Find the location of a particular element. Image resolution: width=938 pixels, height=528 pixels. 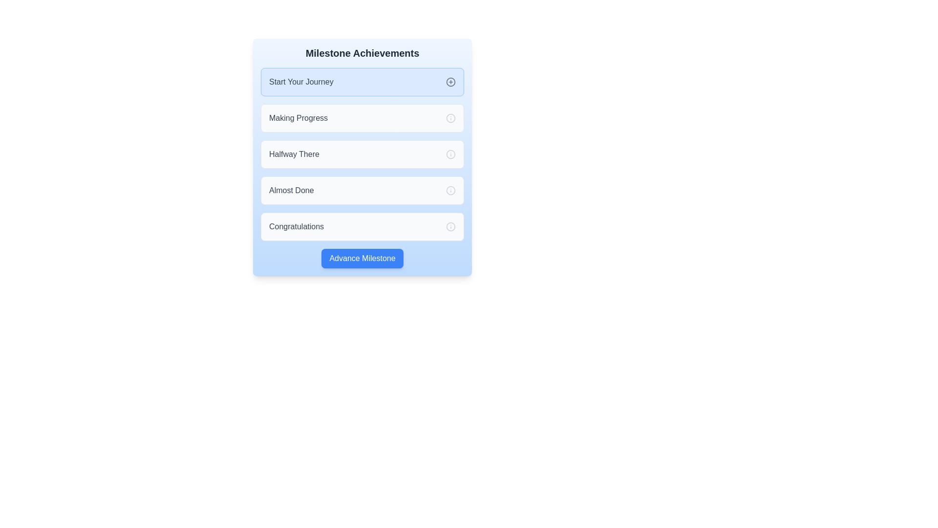

the rectangular button with a blue background and white text that reads 'Advance Milestone', located at the bottom of the 'Milestone Achievements' card is located at coordinates (362, 258).